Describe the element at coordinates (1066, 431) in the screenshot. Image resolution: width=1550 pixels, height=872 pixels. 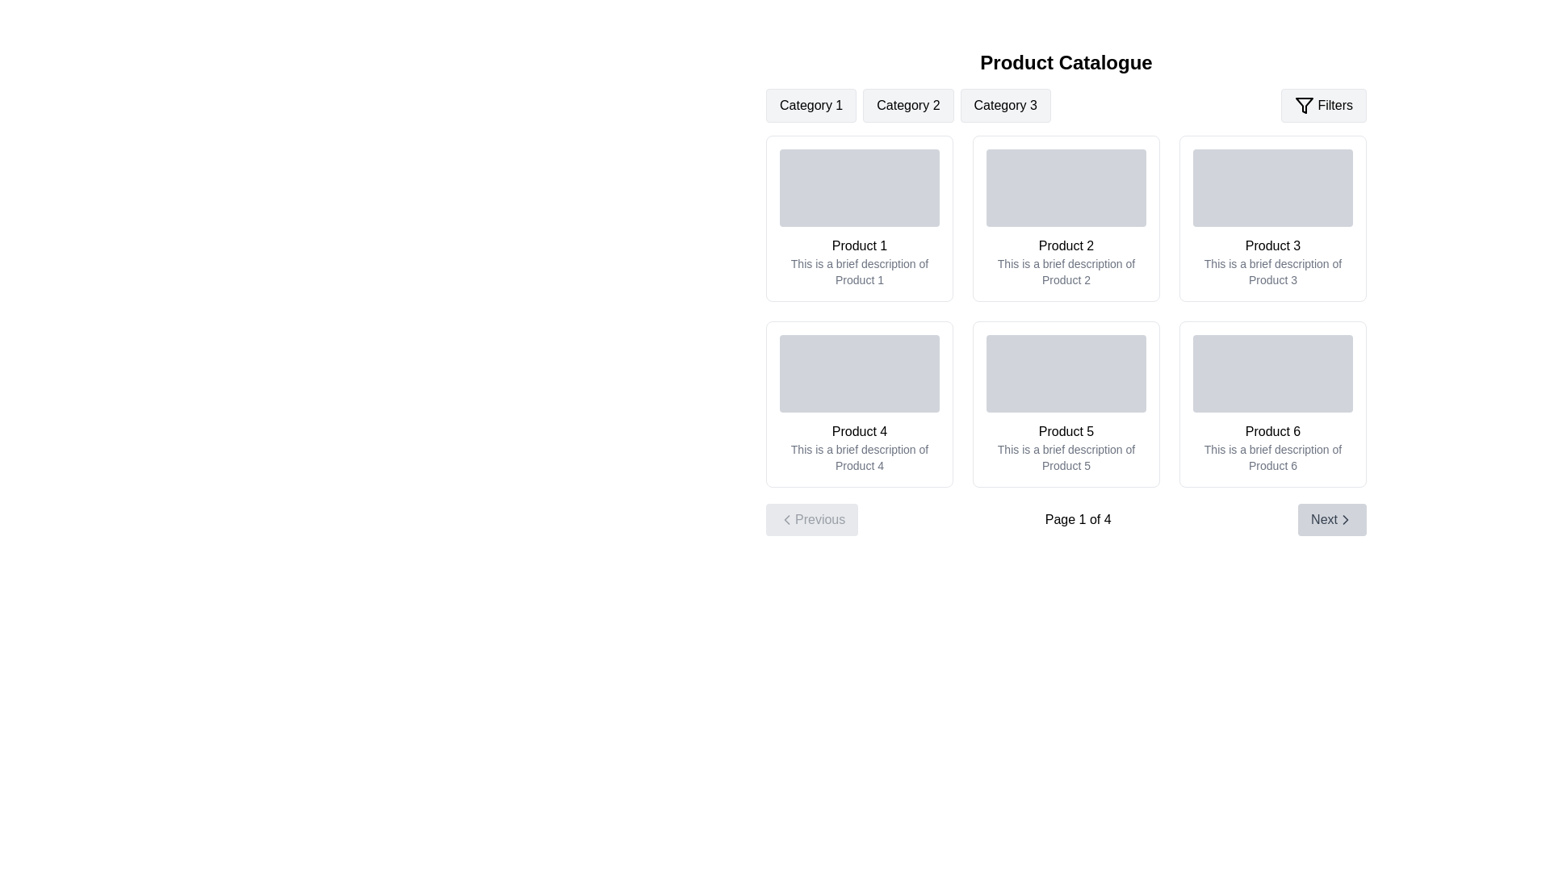
I see `the text label that displays the title or name of 'Product 5', located in the second row, middle column of the product grid` at that location.